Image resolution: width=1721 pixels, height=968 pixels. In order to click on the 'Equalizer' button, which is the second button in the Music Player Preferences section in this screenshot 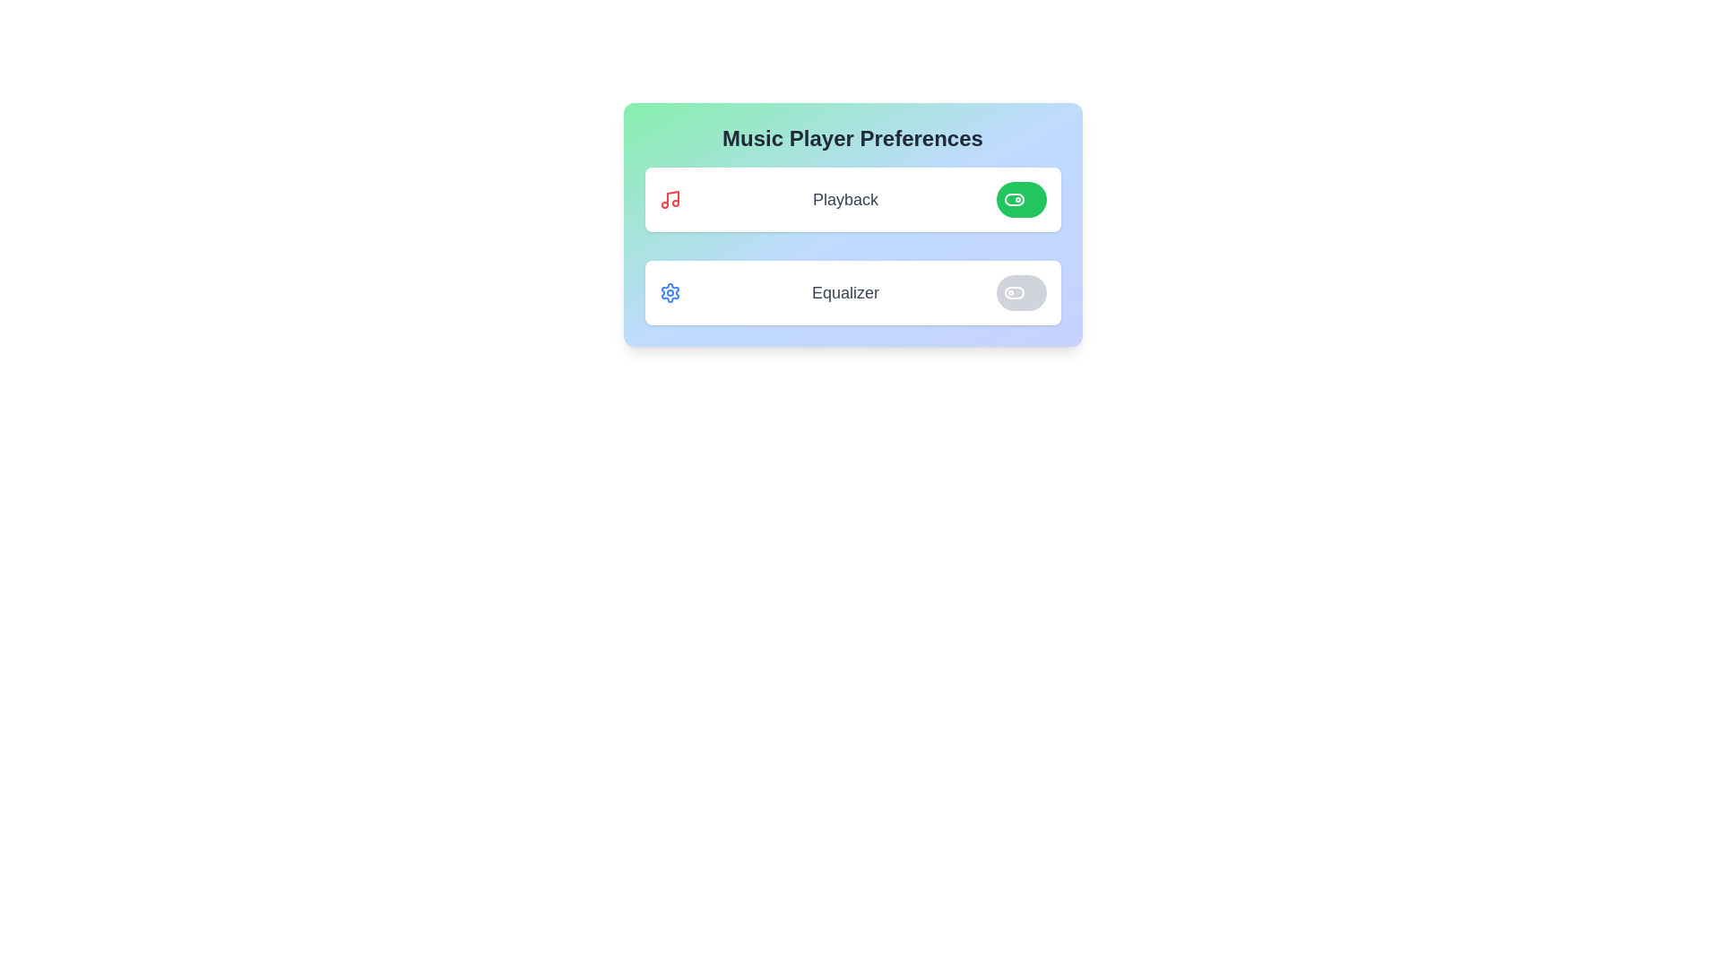, I will do `click(852, 292)`.